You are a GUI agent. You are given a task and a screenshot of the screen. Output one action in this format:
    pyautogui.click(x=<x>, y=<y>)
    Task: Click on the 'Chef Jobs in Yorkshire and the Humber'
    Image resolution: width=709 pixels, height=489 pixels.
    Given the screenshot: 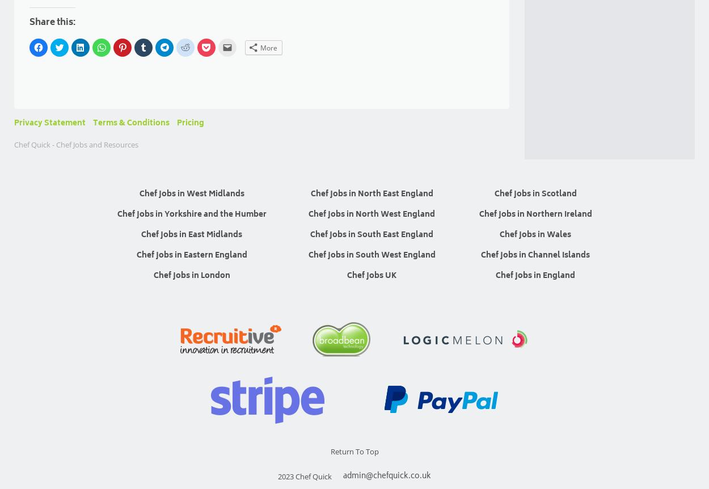 What is the action you would take?
    pyautogui.click(x=191, y=214)
    